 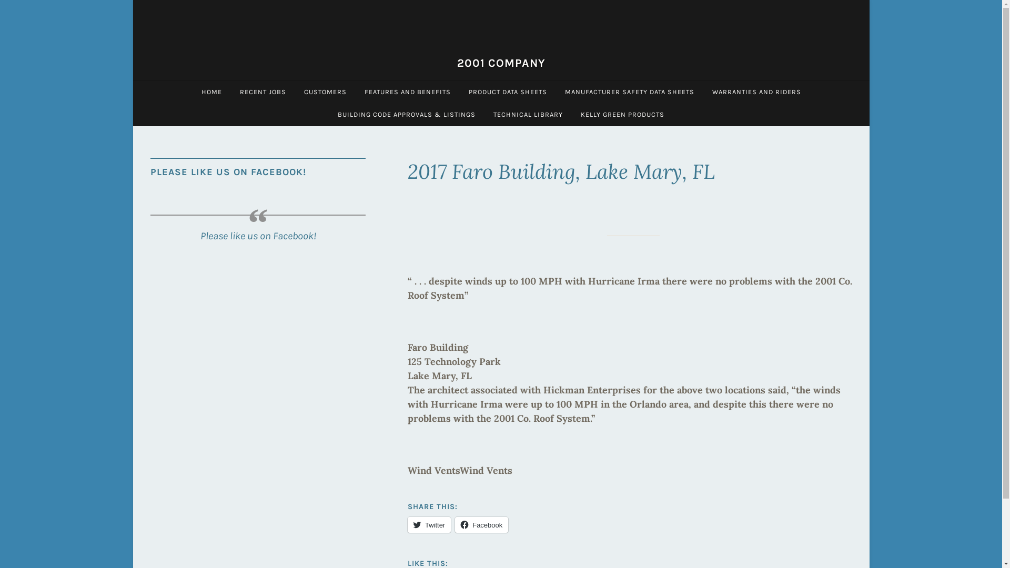 I want to click on 'KELLY GREEN PRODUCTS', so click(x=622, y=114).